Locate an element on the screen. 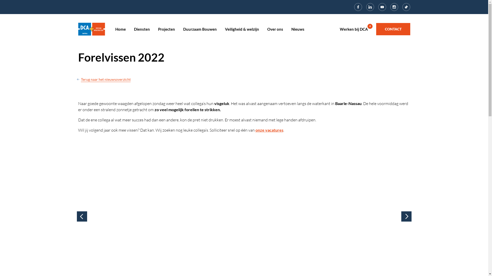 This screenshot has width=492, height=276. 'Next' is located at coordinates (406, 216).